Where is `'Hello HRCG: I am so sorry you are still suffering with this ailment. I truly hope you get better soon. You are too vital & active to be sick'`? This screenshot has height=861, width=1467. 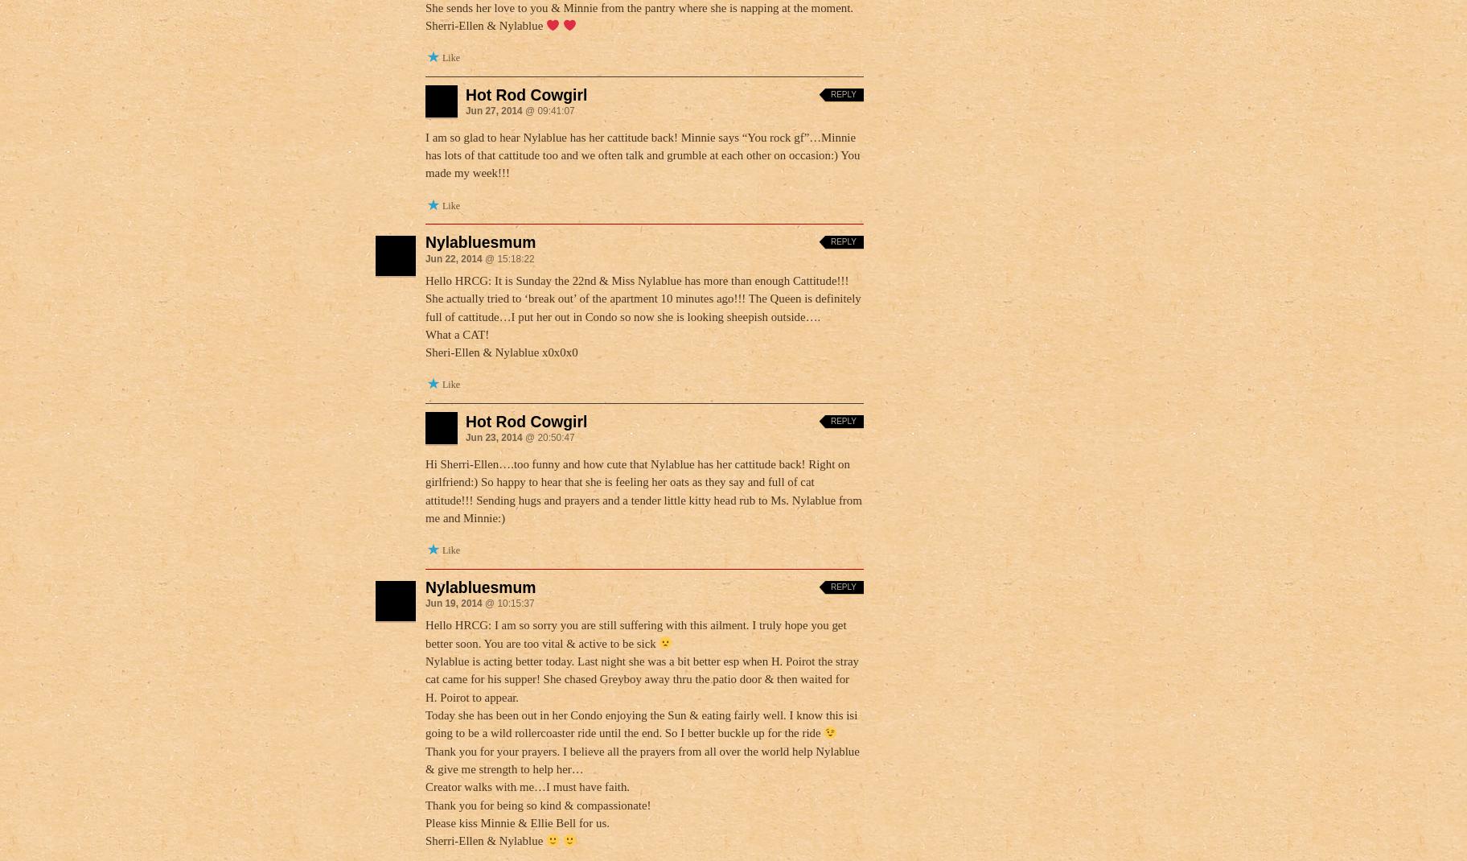
'Hello HRCG: I am so sorry you are still suffering with this ailment. I truly hope you get better soon. You are too vital & active to be sick' is located at coordinates (635, 632).